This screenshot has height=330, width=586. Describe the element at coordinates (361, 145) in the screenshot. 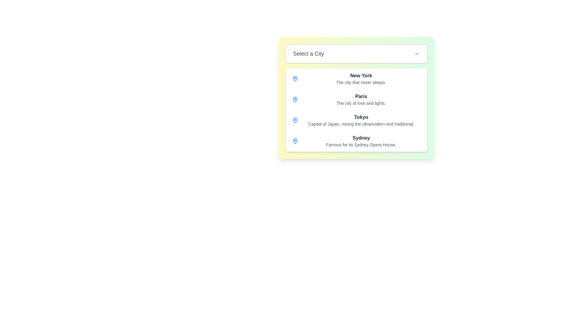

I see `the text label that contains 'Famous for its Sydney Opera House.' positioned beneath the bold 'Sydney' label in the dropdown menu` at that location.